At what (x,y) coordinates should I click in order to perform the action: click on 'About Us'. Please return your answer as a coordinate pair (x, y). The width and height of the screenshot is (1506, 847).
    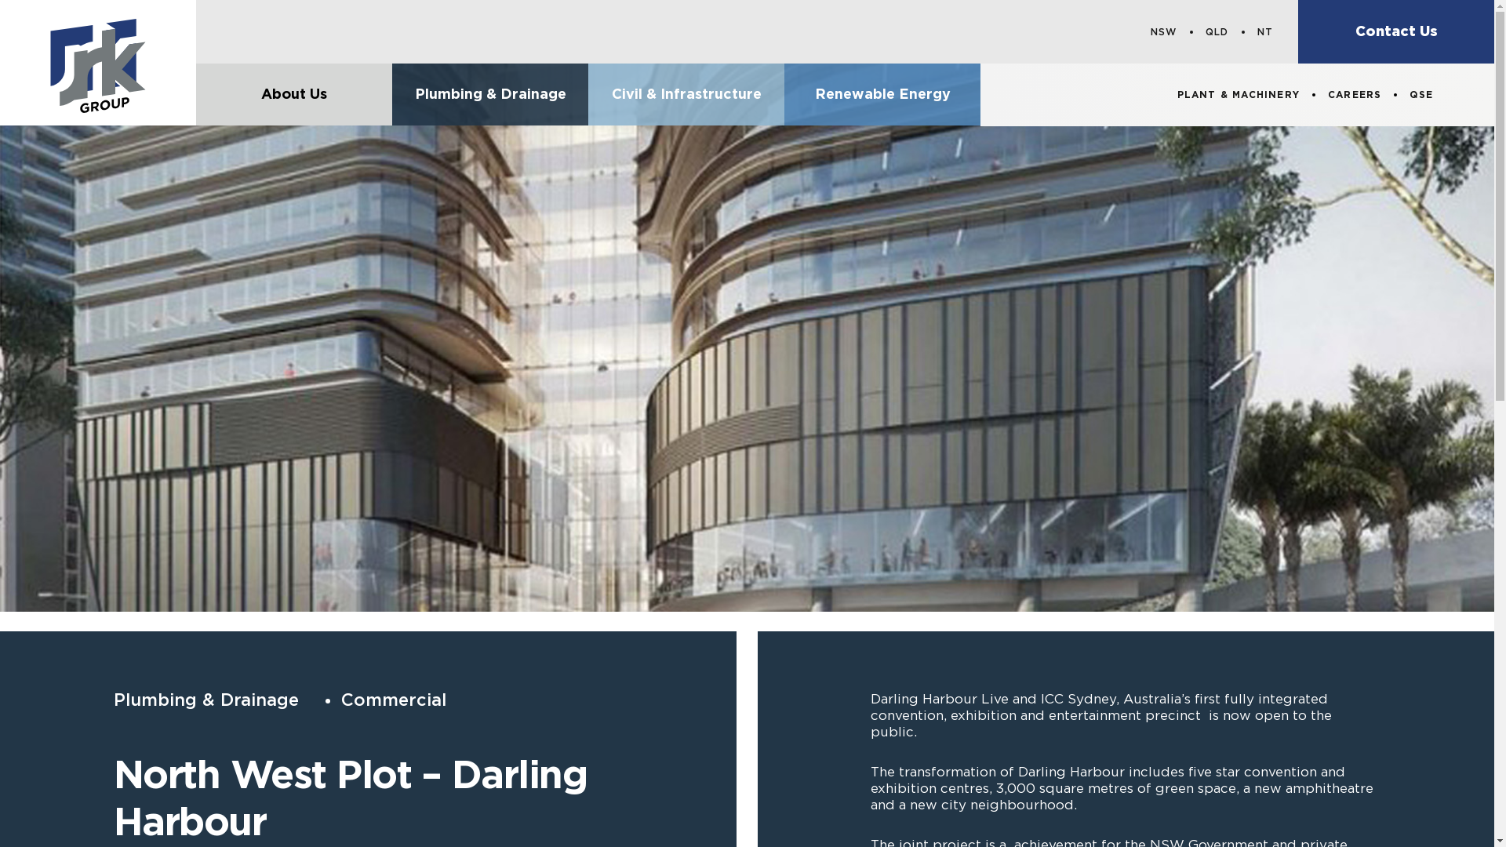
    Looking at the image, I should click on (293, 94).